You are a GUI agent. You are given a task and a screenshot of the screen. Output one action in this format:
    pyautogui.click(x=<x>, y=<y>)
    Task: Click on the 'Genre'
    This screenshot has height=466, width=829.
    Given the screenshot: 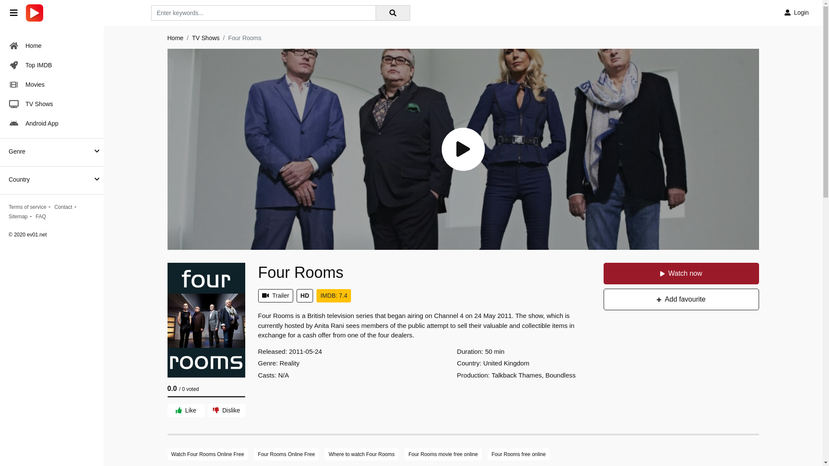 What is the action you would take?
    pyautogui.click(x=17, y=151)
    